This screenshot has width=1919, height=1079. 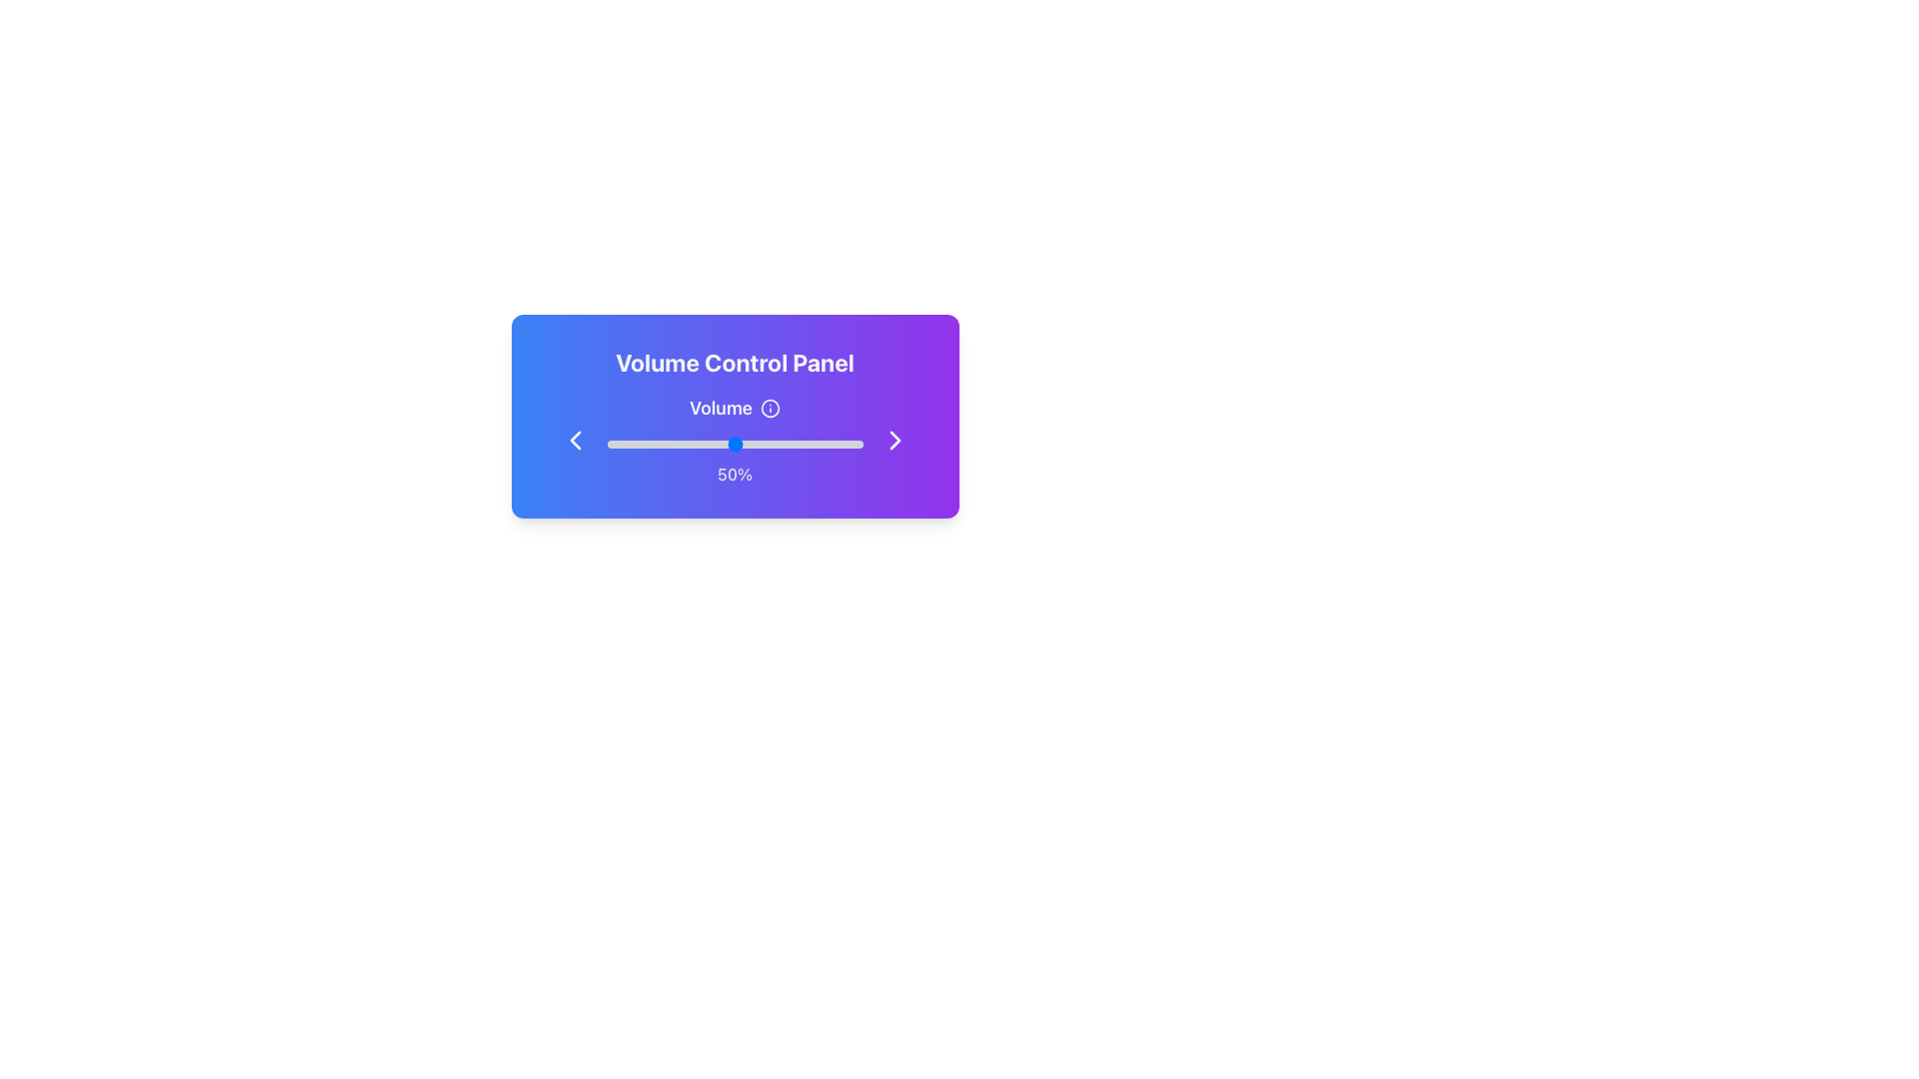 I want to click on the volume level, so click(x=658, y=443).